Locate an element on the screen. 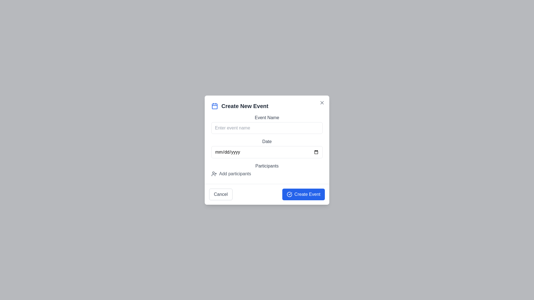 The width and height of the screenshot is (534, 300). the text label located at the bottom-left of the 'Create New Event' modal, positioned under the 'Participants' label and to the right of the user icon with a plus symbol, to initiate adding participants to the event is located at coordinates (235, 173).